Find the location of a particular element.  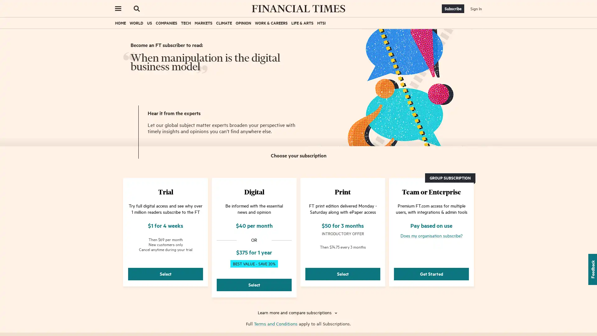

Learn more and compare subscriptions content expands above is located at coordinates (298, 313).